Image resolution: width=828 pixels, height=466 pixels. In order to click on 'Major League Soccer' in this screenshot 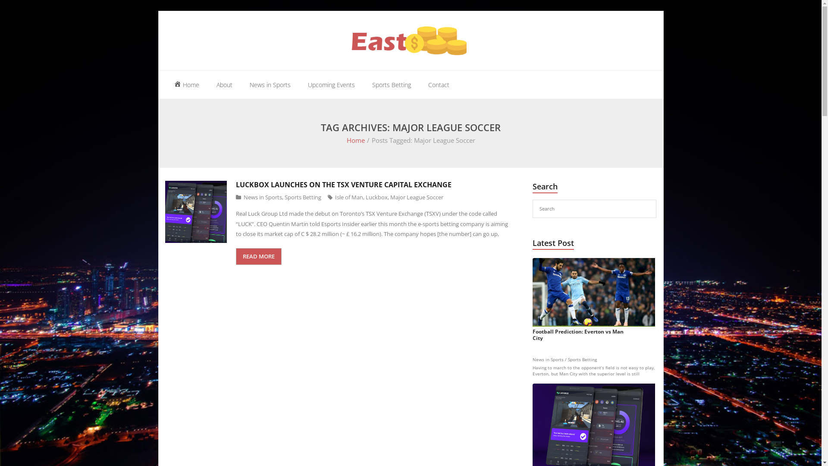, I will do `click(417, 197)`.